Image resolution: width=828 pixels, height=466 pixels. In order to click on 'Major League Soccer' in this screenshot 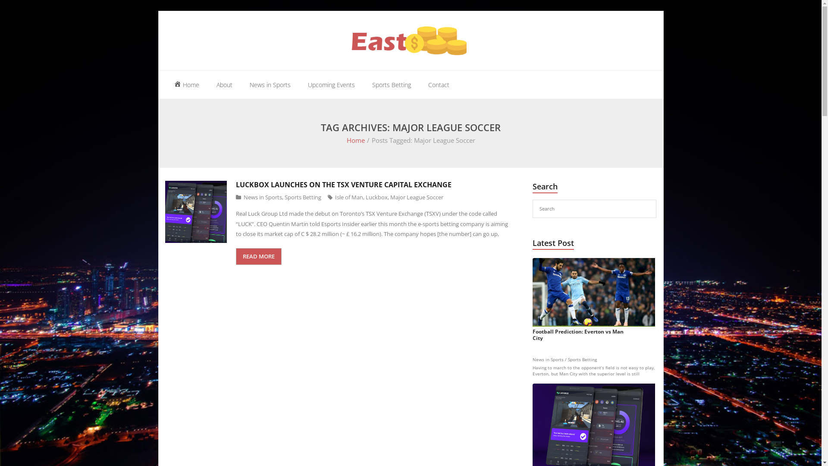, I will do `click(417, 197)`.